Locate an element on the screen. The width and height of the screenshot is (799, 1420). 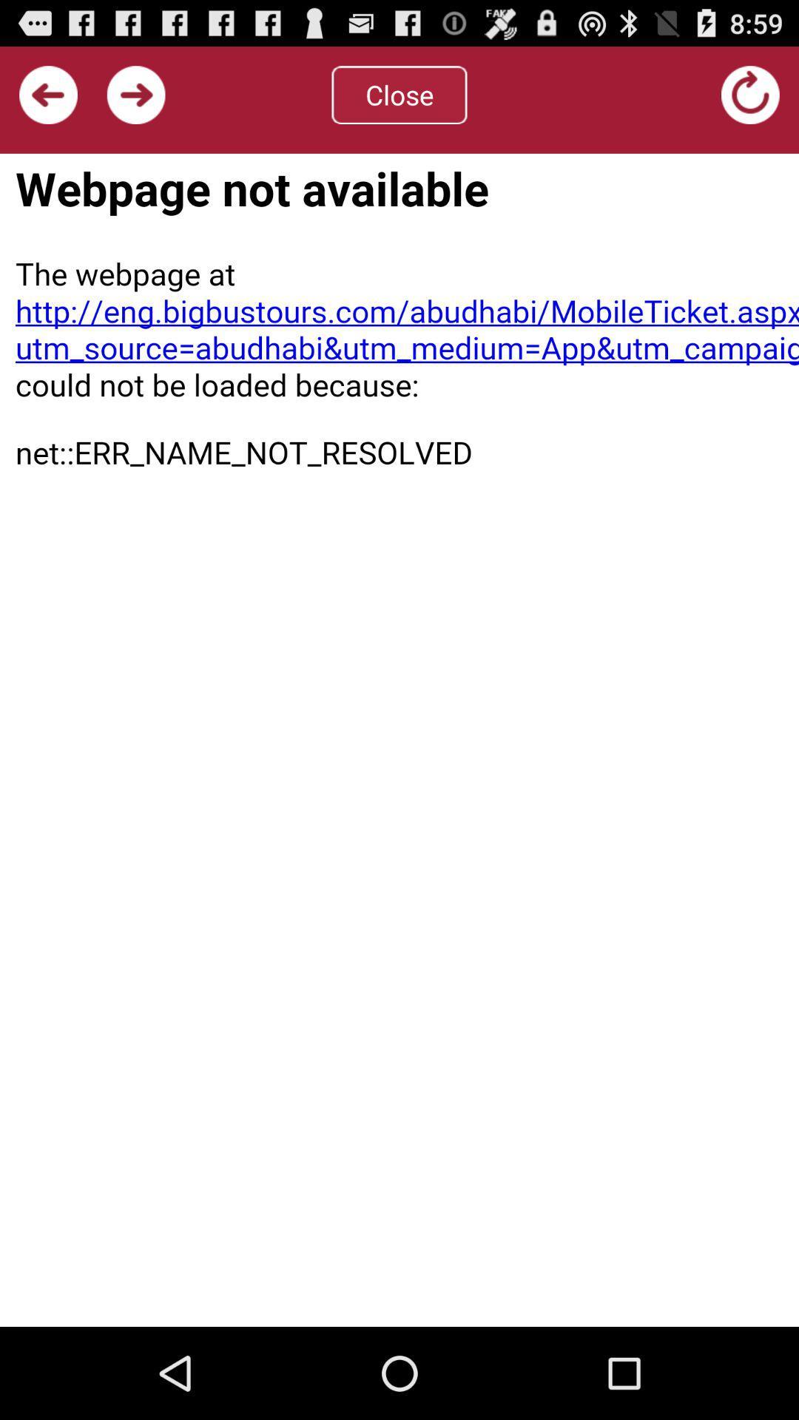
return to previous page is located at coordinates (47, 94).